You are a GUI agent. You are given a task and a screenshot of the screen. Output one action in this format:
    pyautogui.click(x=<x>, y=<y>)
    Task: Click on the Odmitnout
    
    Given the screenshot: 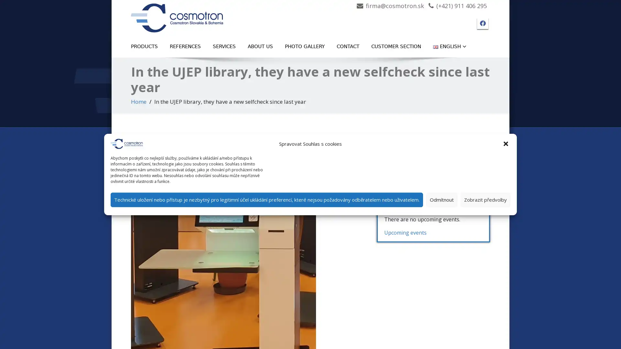 What is the action you would take?
    pyautogui.click(x=441, y=199)
    